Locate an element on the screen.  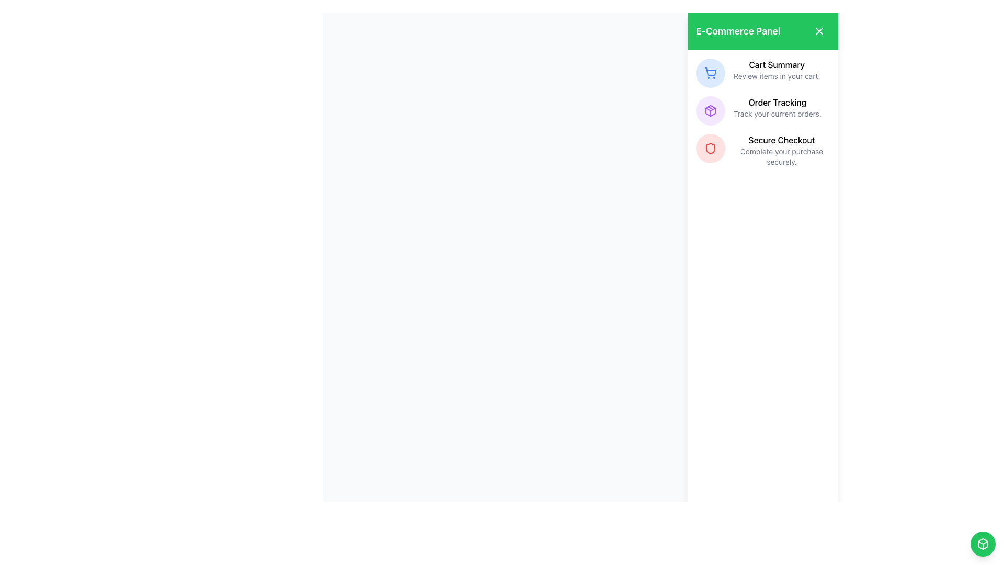
the List Item which has a blue shopping cart icon and bold text 'Cart Summary' in the E-Commerce Panel is located at coordinates (763, 72).